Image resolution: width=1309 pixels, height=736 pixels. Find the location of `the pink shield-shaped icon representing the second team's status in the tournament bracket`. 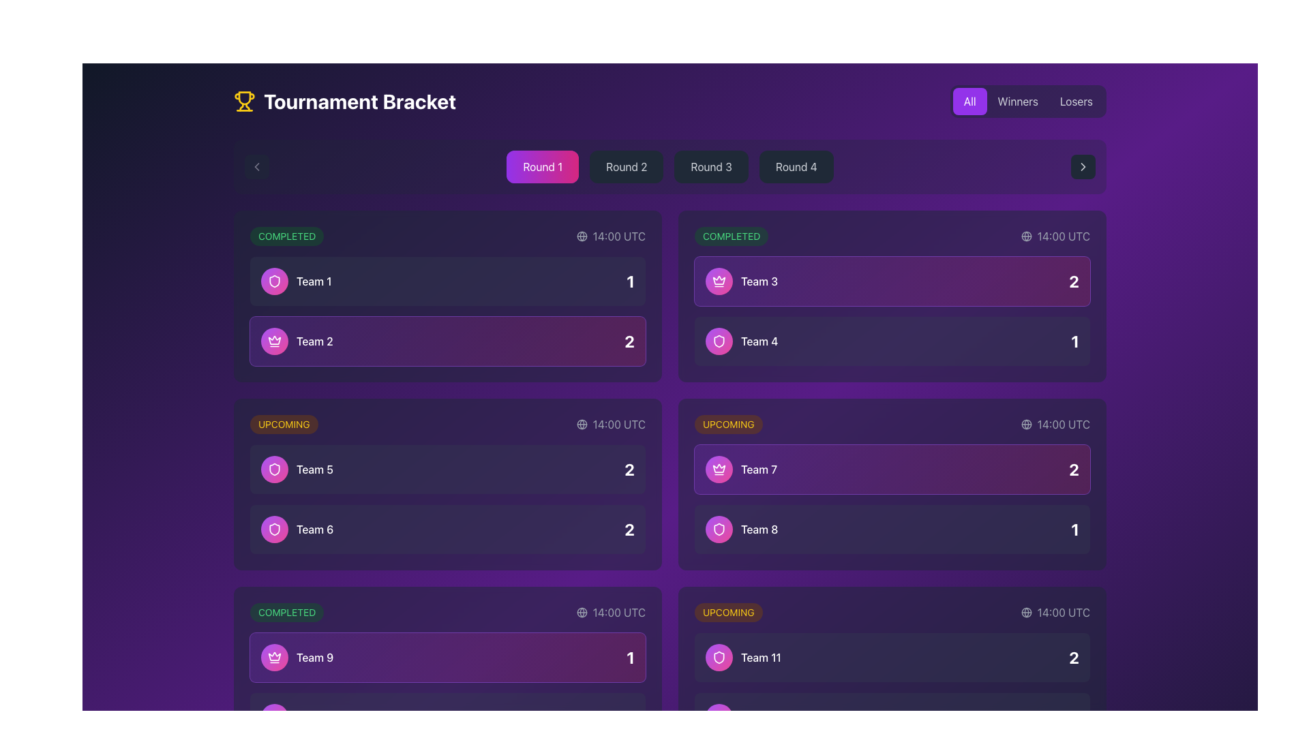

the pink shield-shaped icon representing the second team's status in the tournament bracket is located at coordinates (719, 528).